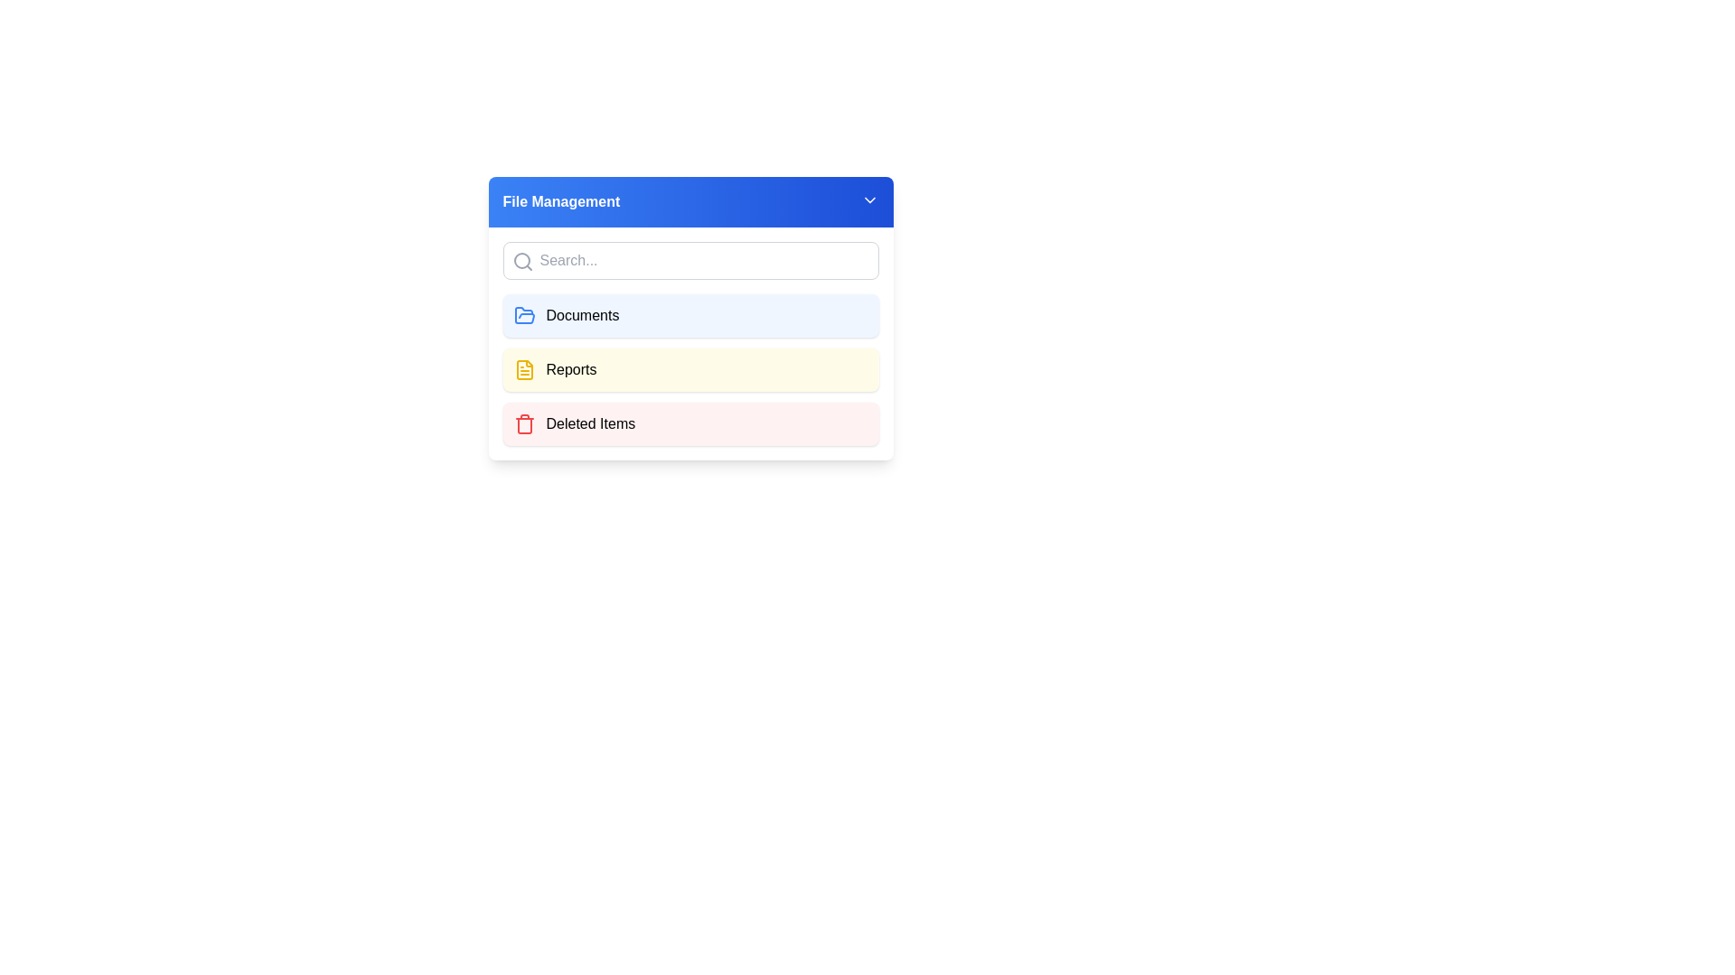 This screenshot has height=975, width=1735. Describe the element at coordinates (523, 368) in the screenshot. I see `the yellow file/document icon located in the 'Reports' menu, which is the third icon in sequence between 'Documents' and 'Deleted Items'` at that location.